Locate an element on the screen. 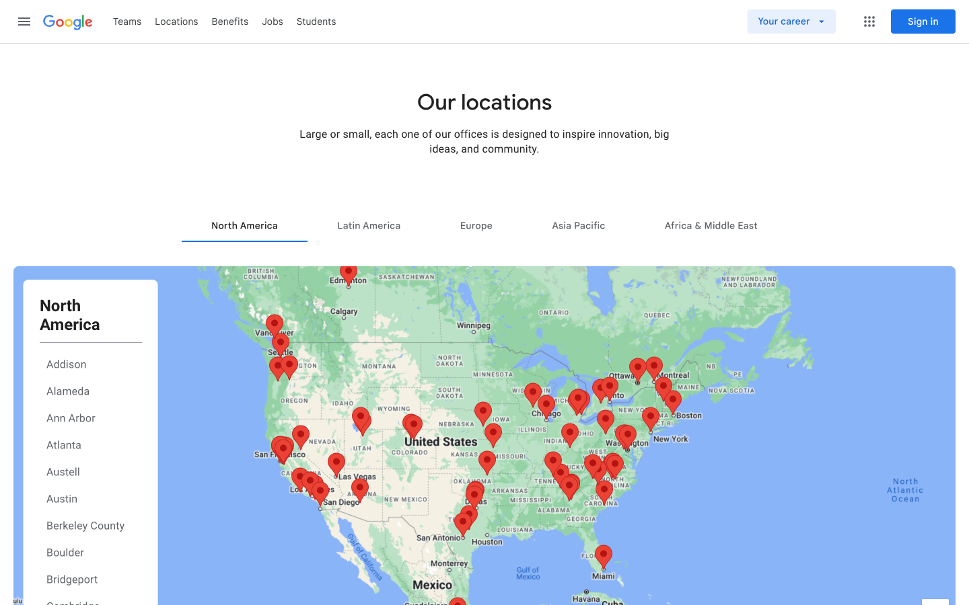  the "Your Career" section is located at coordinates (811, 21).